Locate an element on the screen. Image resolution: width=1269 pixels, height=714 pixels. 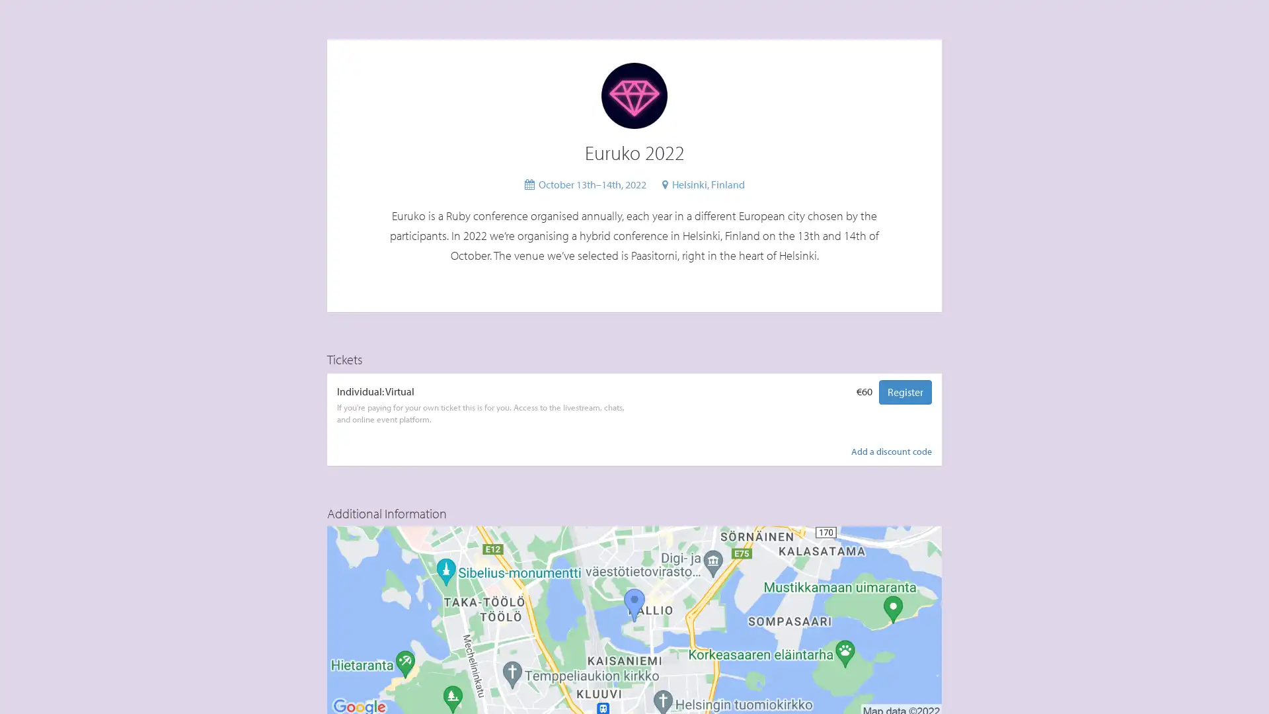
Register is located at coordinates (904, 391).